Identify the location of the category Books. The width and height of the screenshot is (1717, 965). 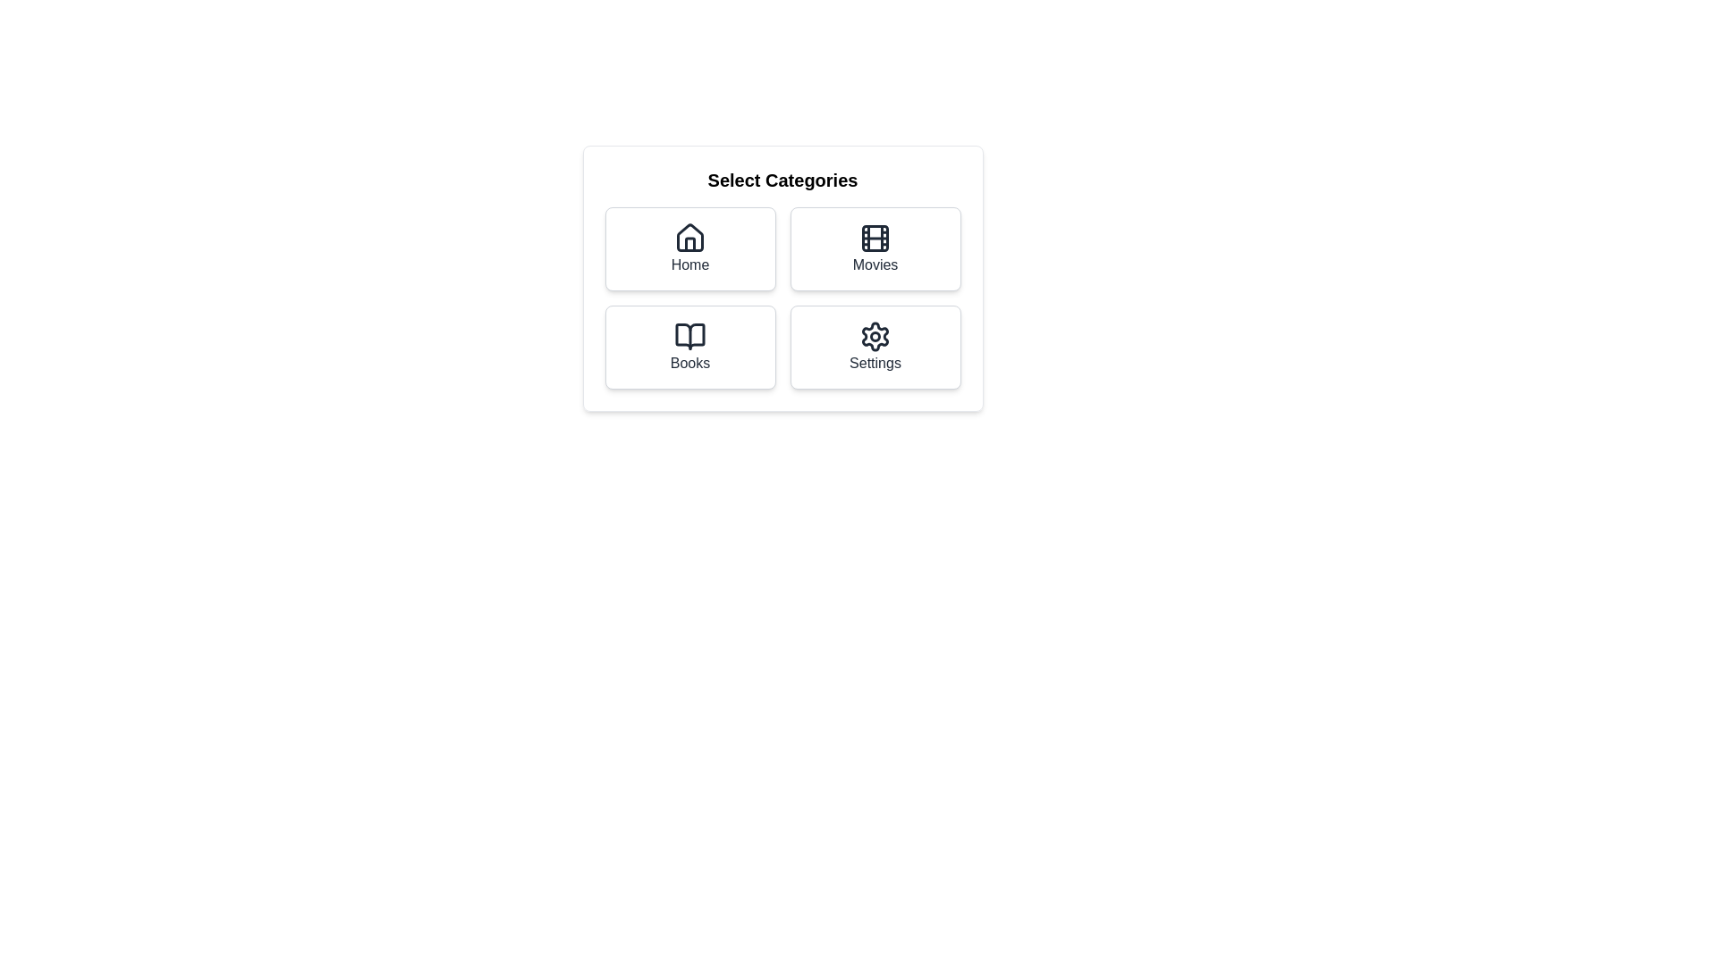
(689, 348).